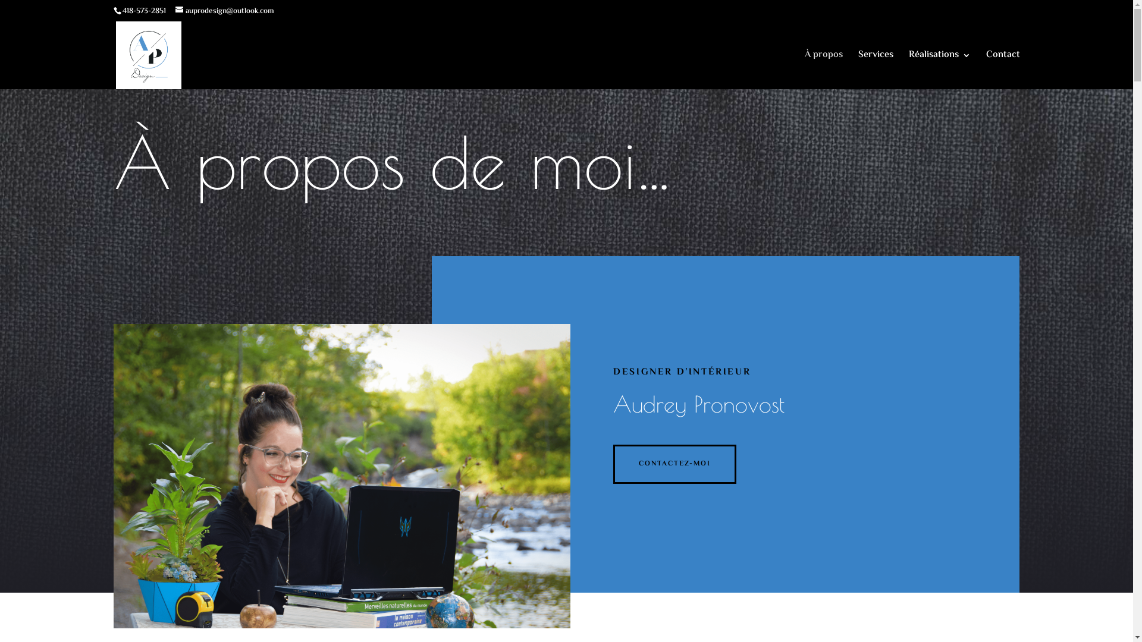 This screenshot has width=1142, height=642. What do you see at coordinates (224, 11) in the screenshot?
I see `'auprodesign@outlook.com'` at bounding box center [224, 11].